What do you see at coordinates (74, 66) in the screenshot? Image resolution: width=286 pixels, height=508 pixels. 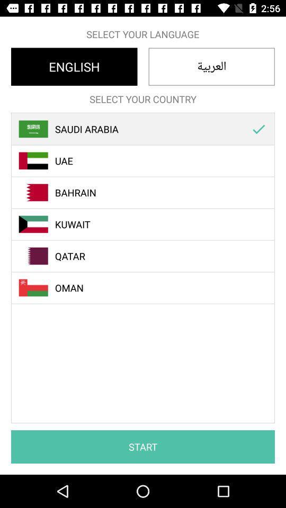 I see `english` at bounding box center [74, 66].